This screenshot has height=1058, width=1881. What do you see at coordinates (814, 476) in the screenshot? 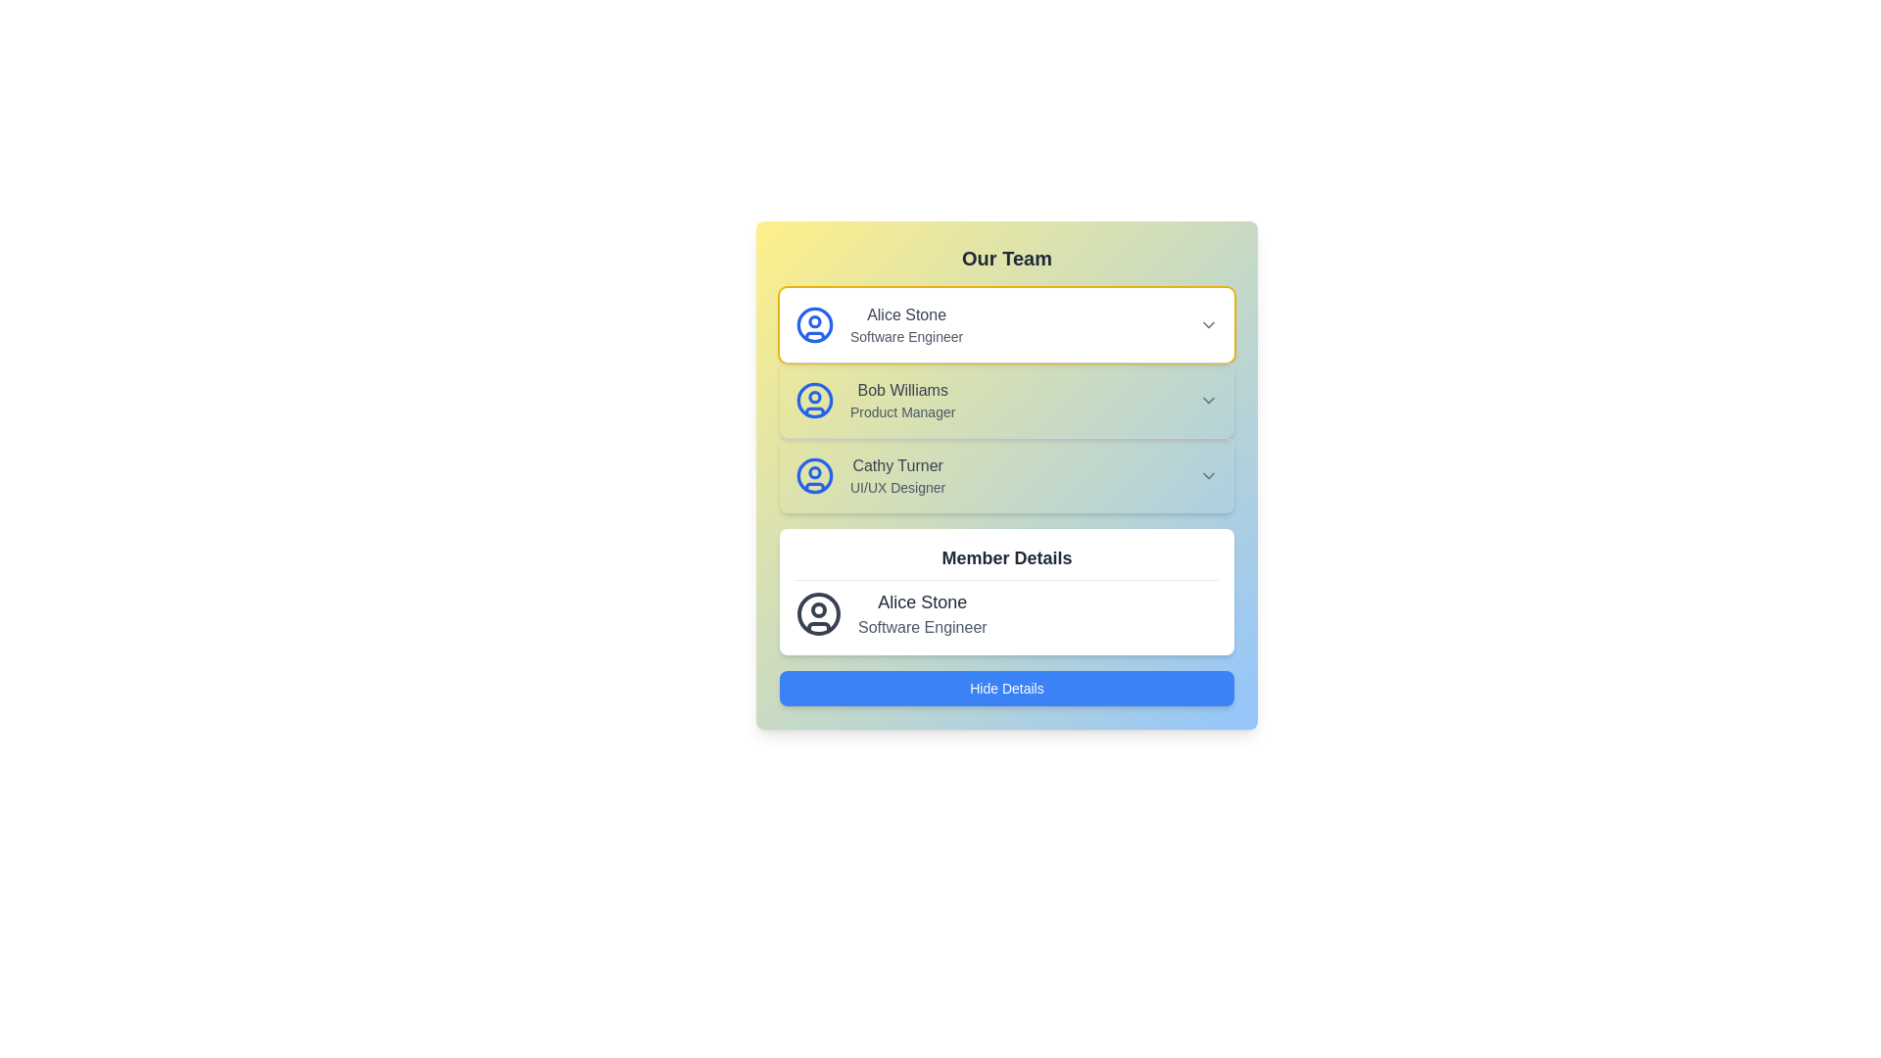
I see `the user icon located in the third row of the 'Our Team' section, aligned horizontally with 'Cathy Turner'` at bounding box center [814, 476].